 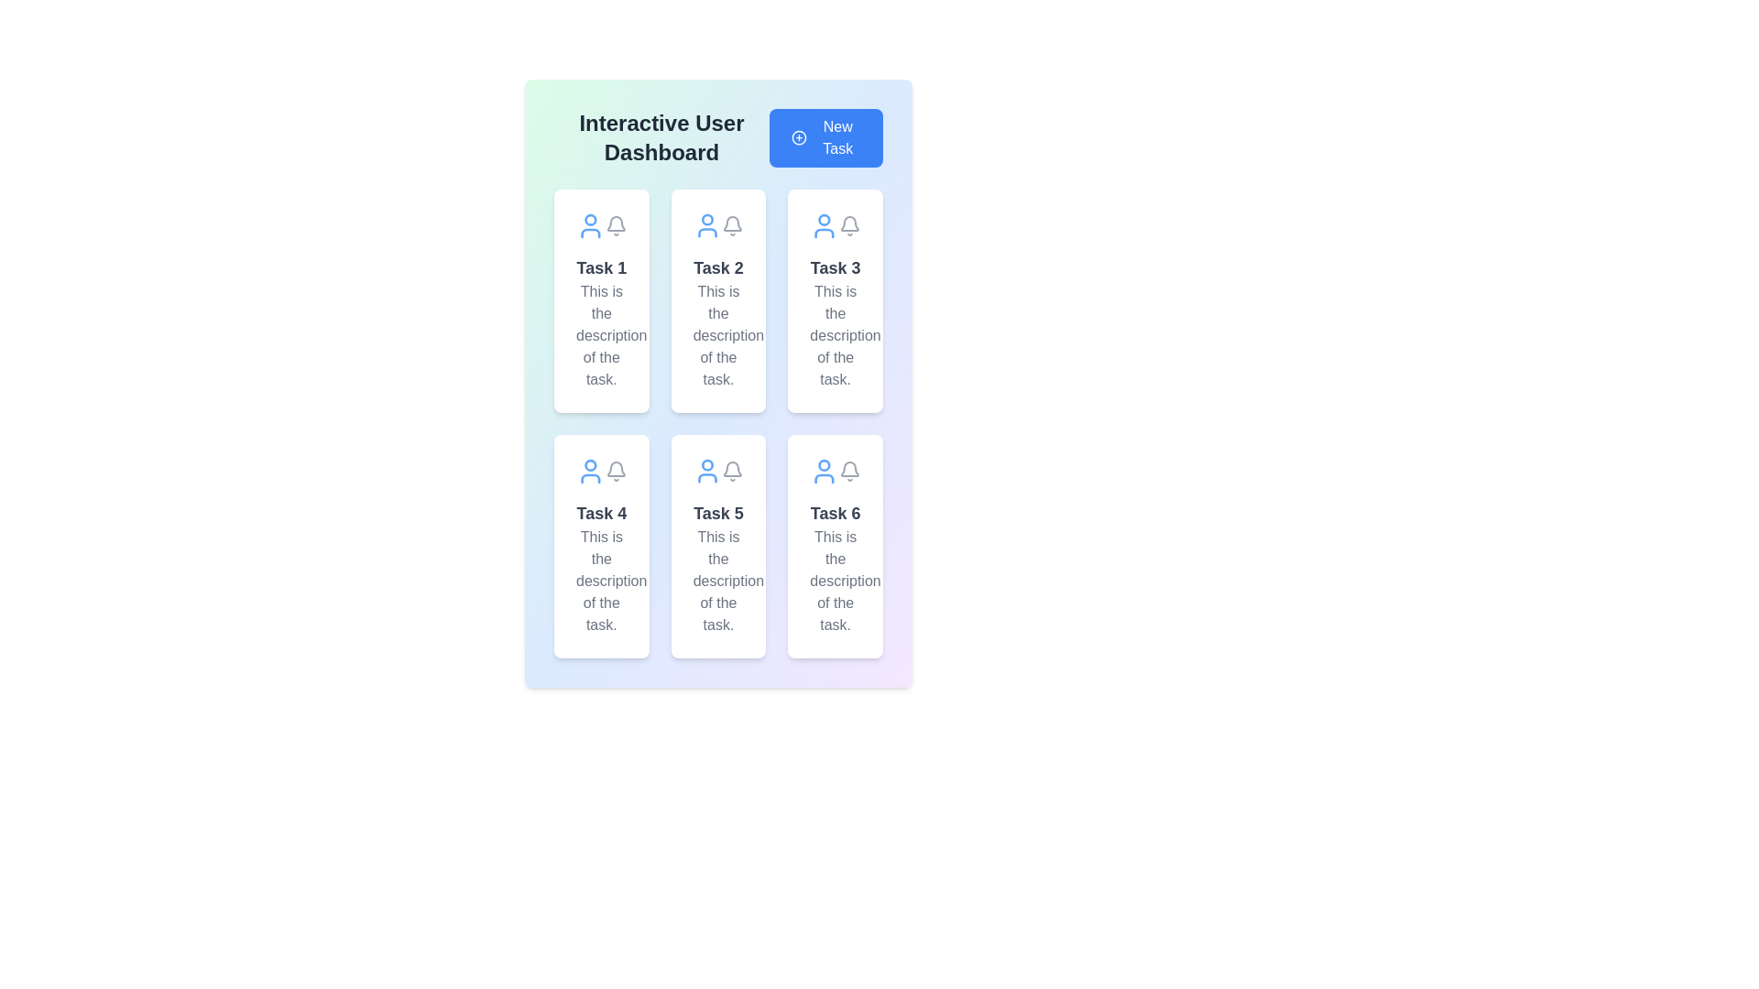 I want to click on the user profile icon, which has a circular head and rectangular body in blue, located in the top-left corner of the card titled 'Task 1', so click(x=590, y=224).